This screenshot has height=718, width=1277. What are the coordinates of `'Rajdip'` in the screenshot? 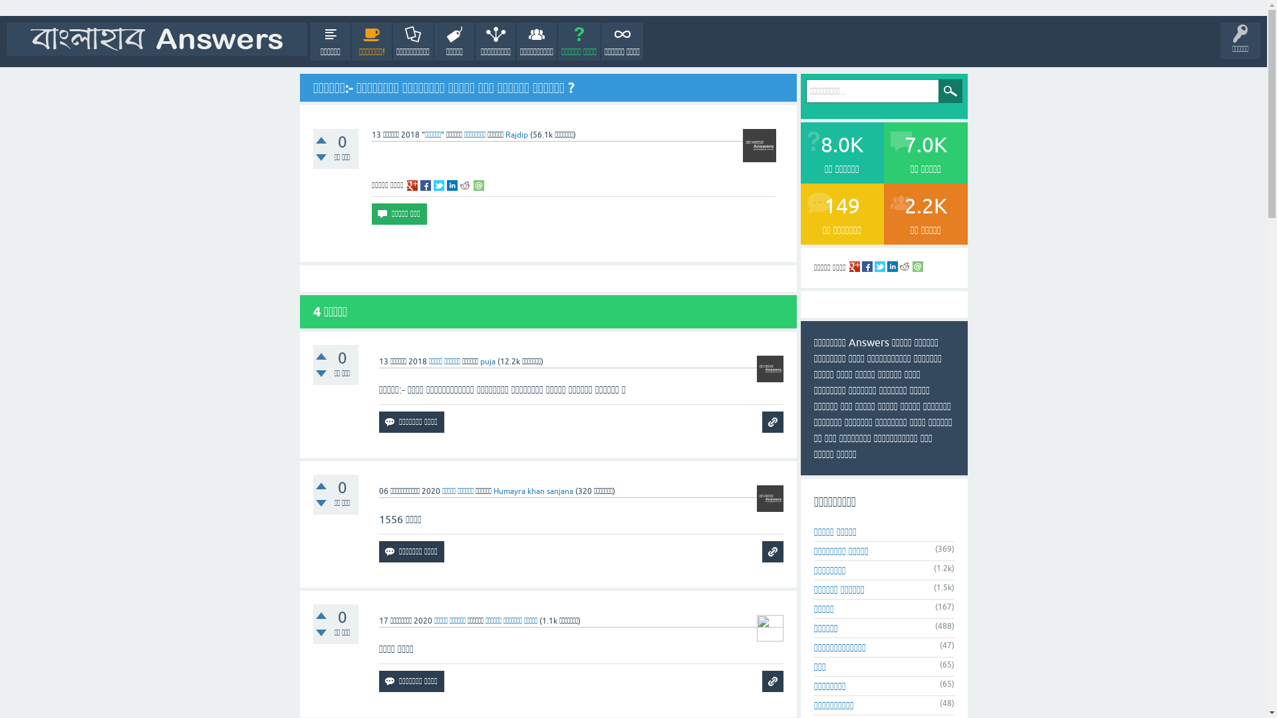 It's located at (516, 135).